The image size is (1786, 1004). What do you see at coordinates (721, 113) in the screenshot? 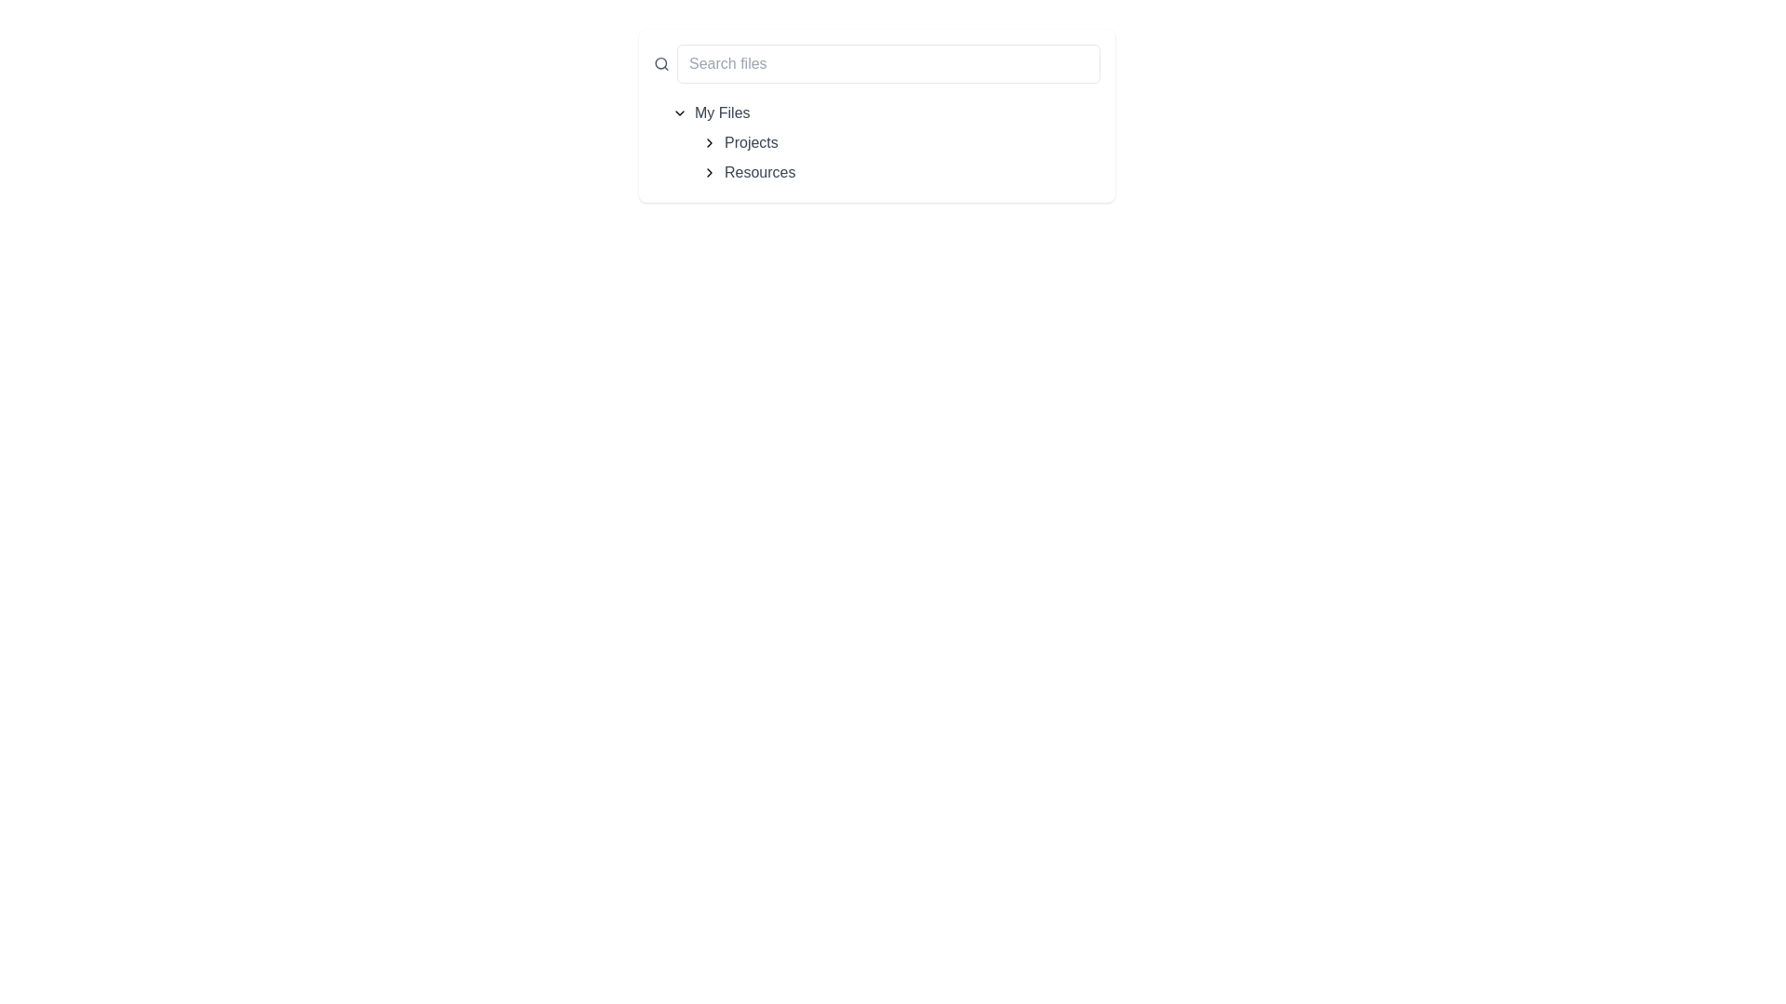
I see `text label 'My Files' located to the right of the chevron-down icon in the collapsible section header` at bounding box center [721, 113].